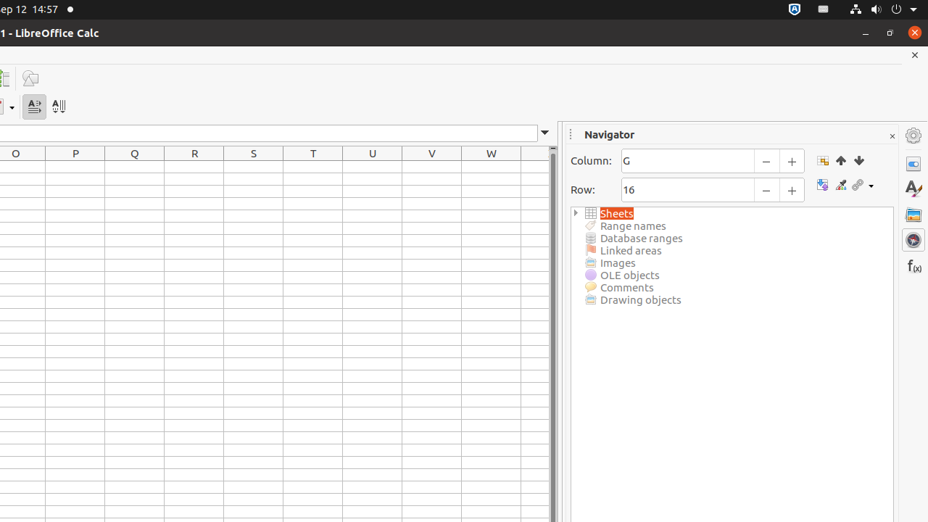 The width and height of the screenshot is (928, 522). What do you see at coordinates (373, 166) in the screenshot?
I see `'U1'` at bounding box center [373, 166].